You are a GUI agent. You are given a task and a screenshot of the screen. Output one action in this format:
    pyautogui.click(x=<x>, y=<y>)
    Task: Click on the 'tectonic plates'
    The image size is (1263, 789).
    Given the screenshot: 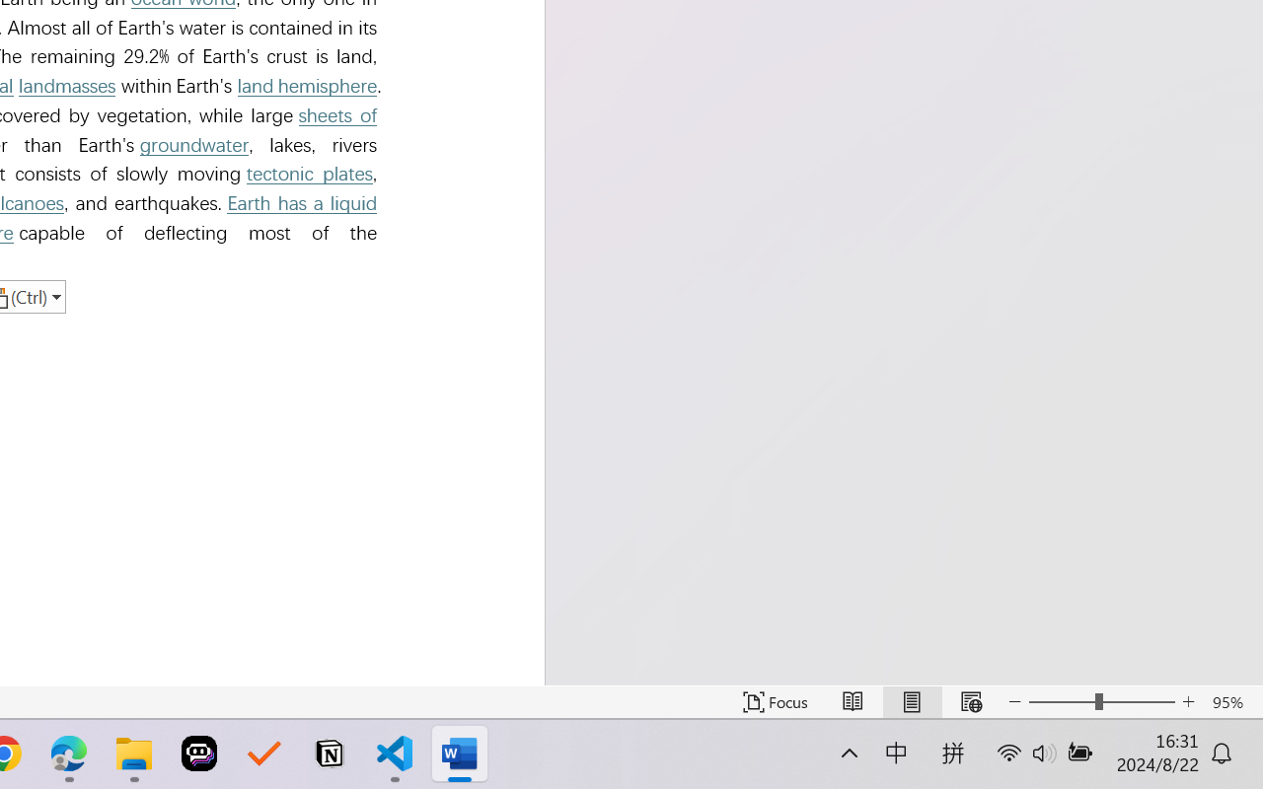 What is the action you would take?
    pyautogui.click(x=308, y=173)
    